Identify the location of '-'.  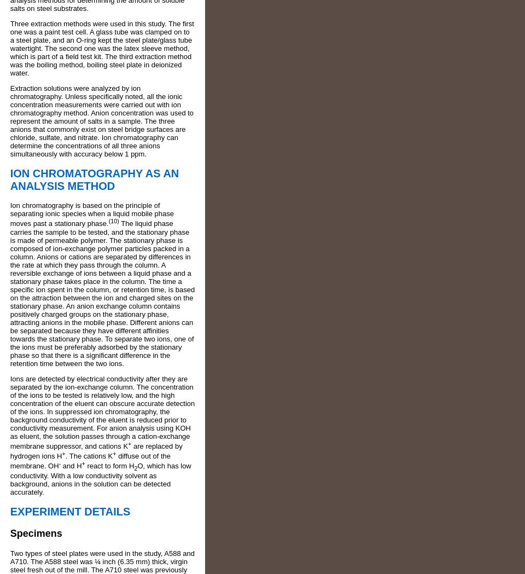
(59, 462).